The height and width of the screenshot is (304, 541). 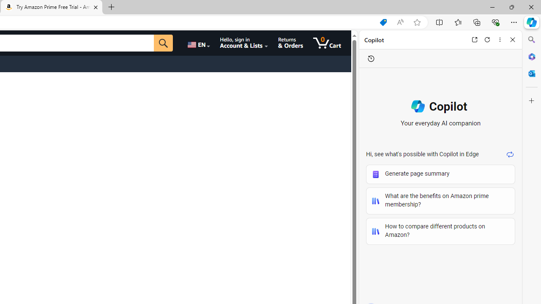 What do you see at coordinates (327, 43) in the screenshot?
I see `'0 items in cart'` at bounding box center [327, 43].